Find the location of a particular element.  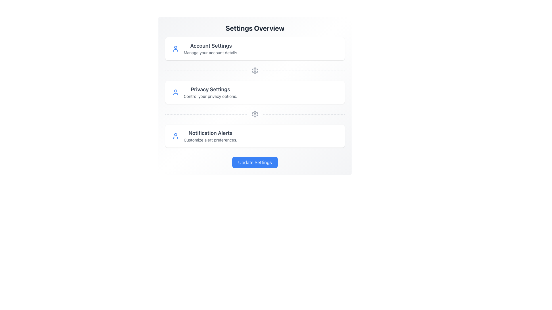

the 'Update Settings' button, which is a rectangular button with rounded corners, blue background, and bold white text, to observe potential styling changes is located at coordinates (255, 162).